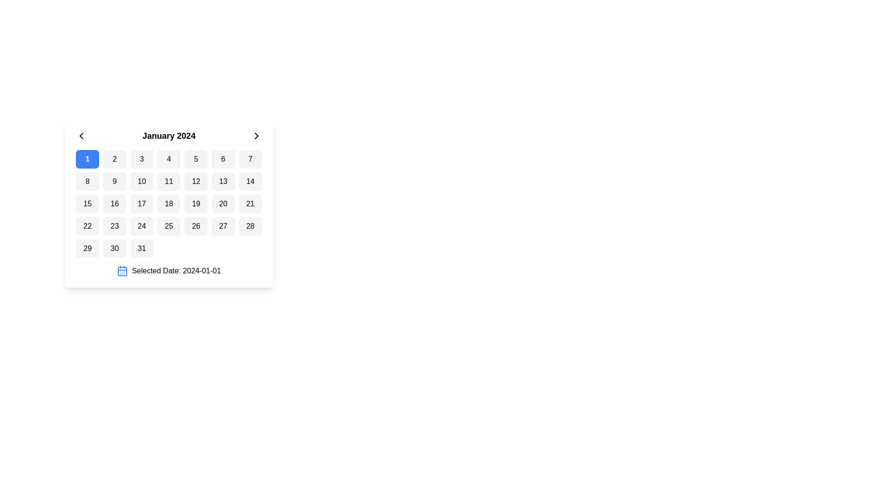  What do you see at coordinates (250, 181) in the screenshot?
I see `the Calendar Day Cell displaying the number '14' which is located in the second row and seventh column of the month grid` at bounding box center [250, 181].